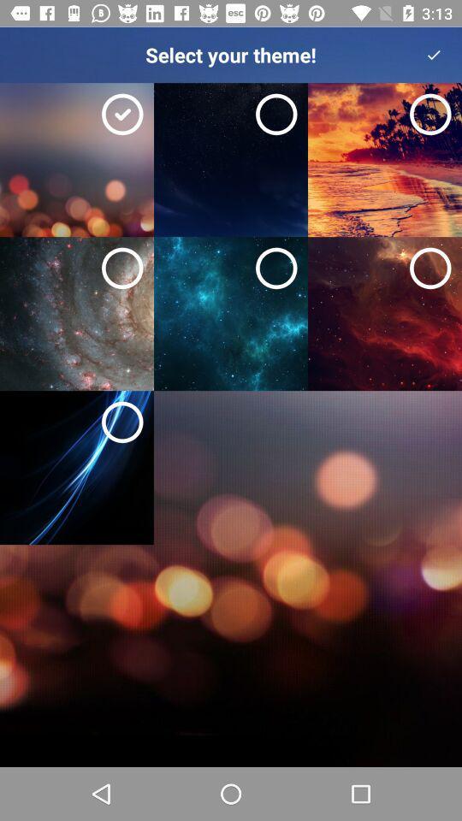 This screenshot has width=462, height=821. What do you see at coordinates (434, 55) in the screenshot?
I see `the check icon` at bounding box center [434, 55].